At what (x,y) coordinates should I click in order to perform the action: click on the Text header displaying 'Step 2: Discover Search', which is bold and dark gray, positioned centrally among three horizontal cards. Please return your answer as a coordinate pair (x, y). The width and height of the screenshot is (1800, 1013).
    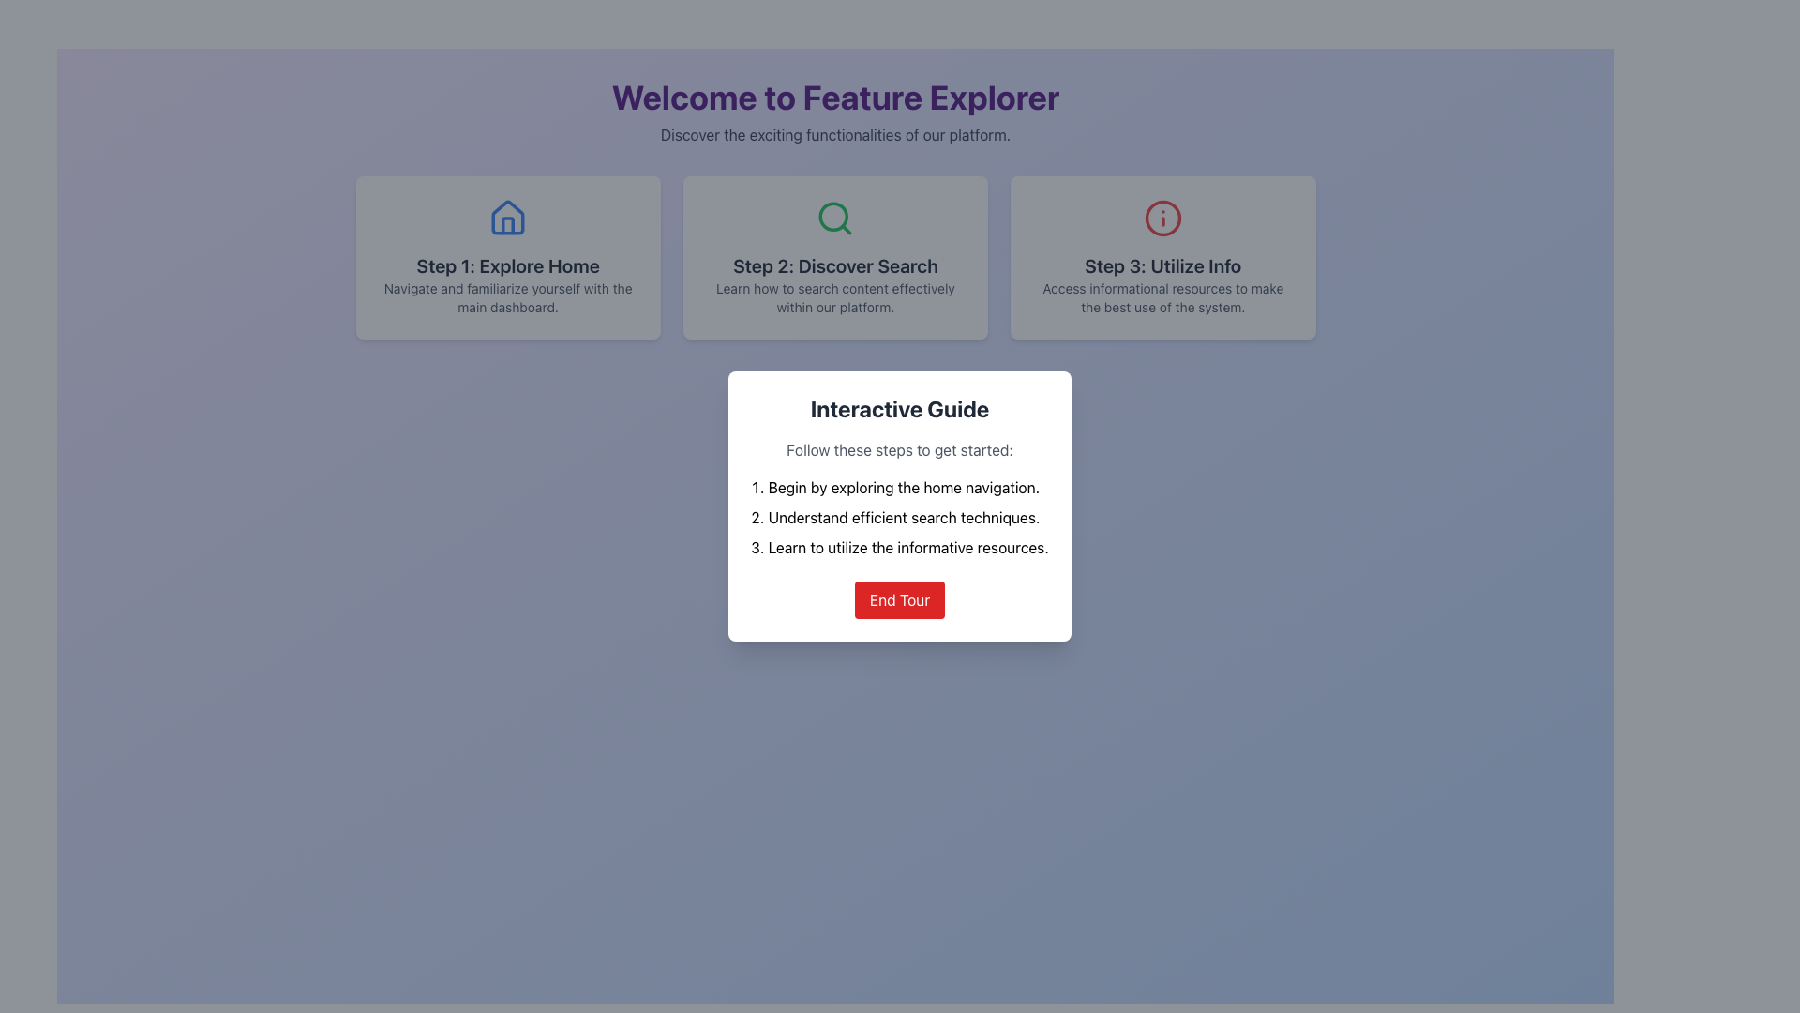
    Looking at the image, I should click on (834, 266).